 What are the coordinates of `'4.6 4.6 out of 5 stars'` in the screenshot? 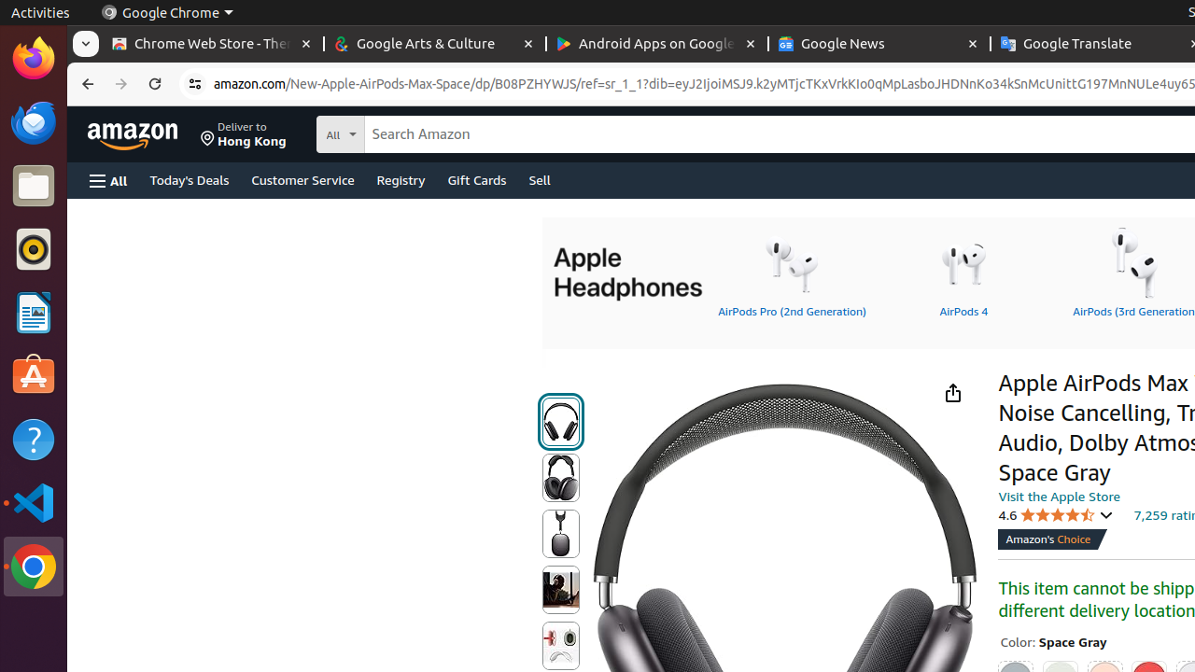 It's located at (1056, 514).